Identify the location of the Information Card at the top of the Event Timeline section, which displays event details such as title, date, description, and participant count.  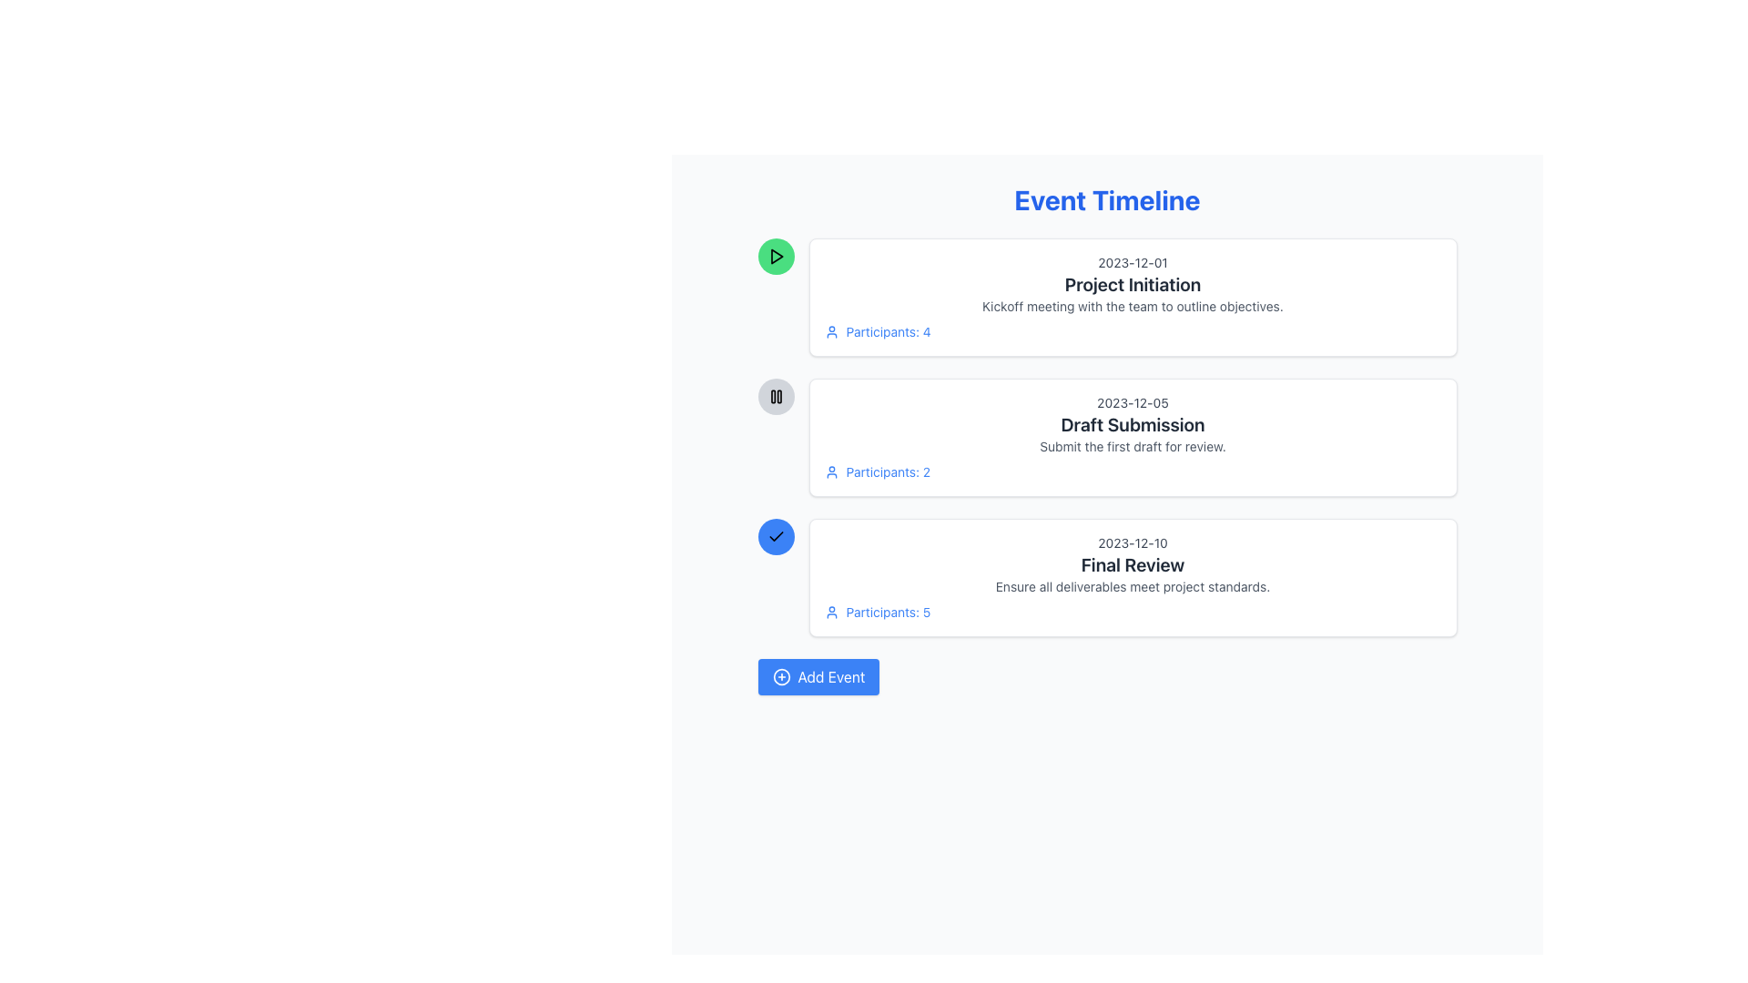
(1132, 297).